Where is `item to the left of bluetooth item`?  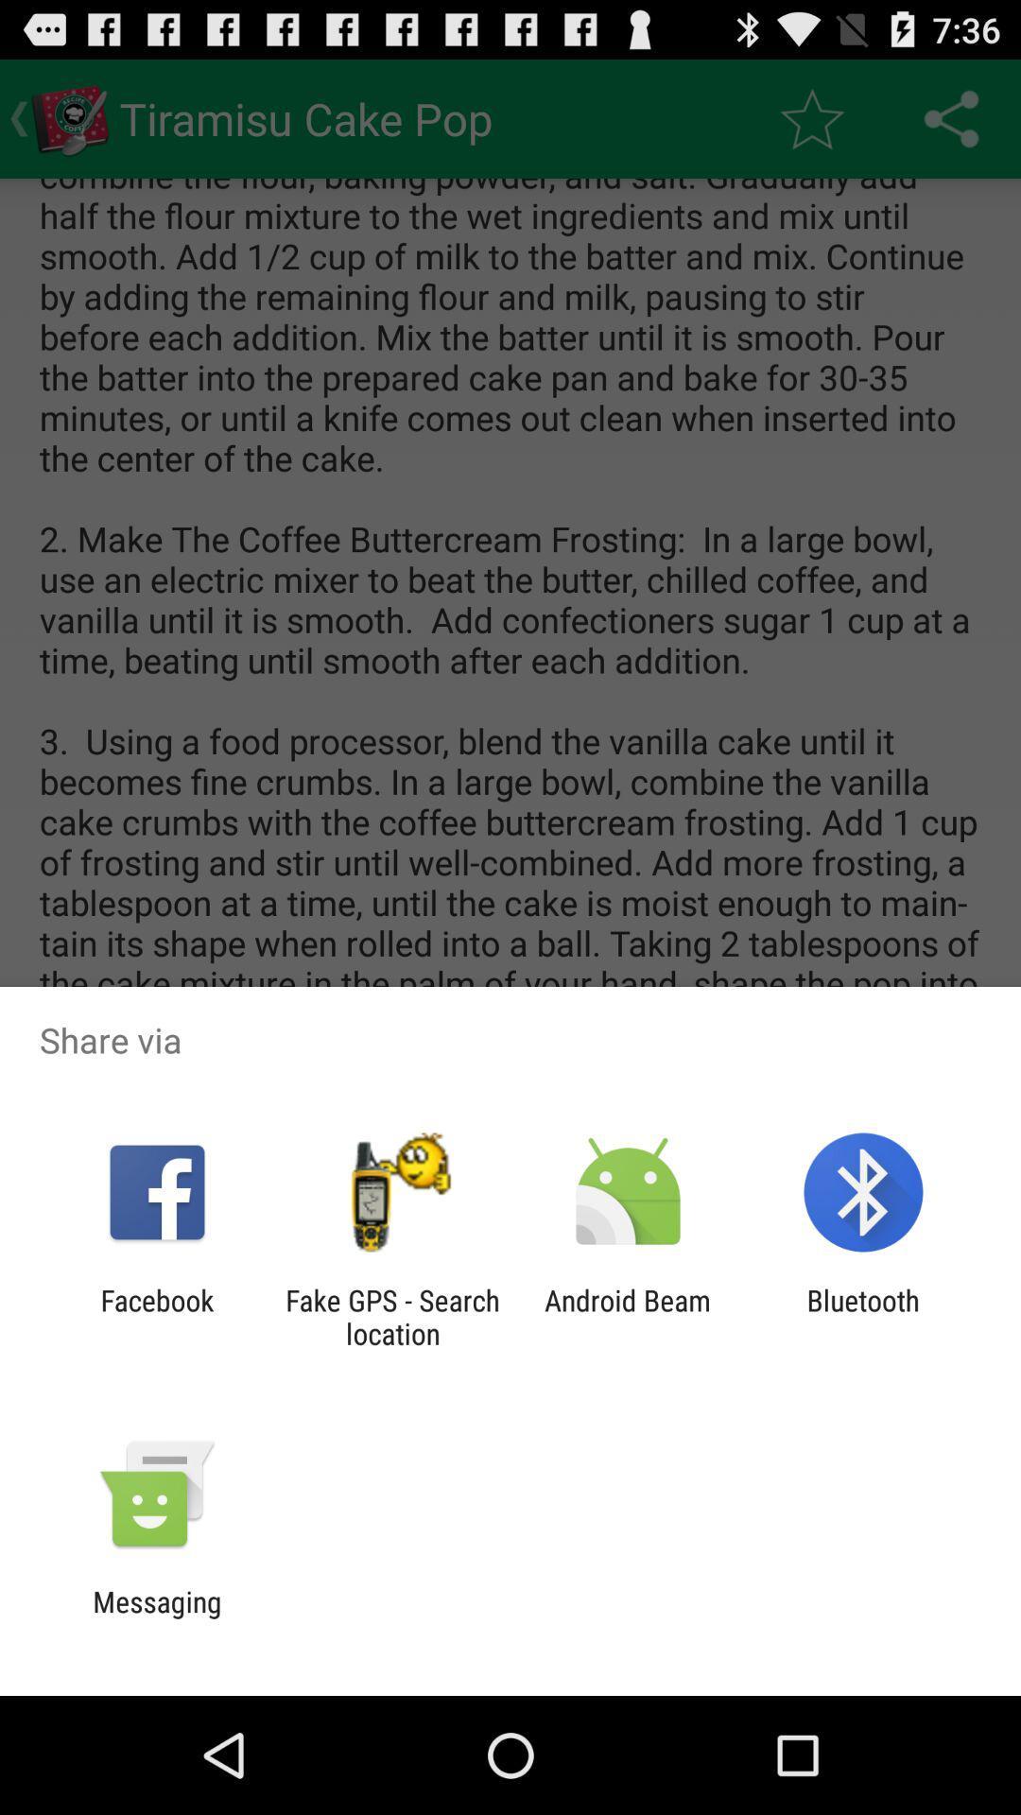
item to the left of bluetooth item is located at coordinates (628, 1316).